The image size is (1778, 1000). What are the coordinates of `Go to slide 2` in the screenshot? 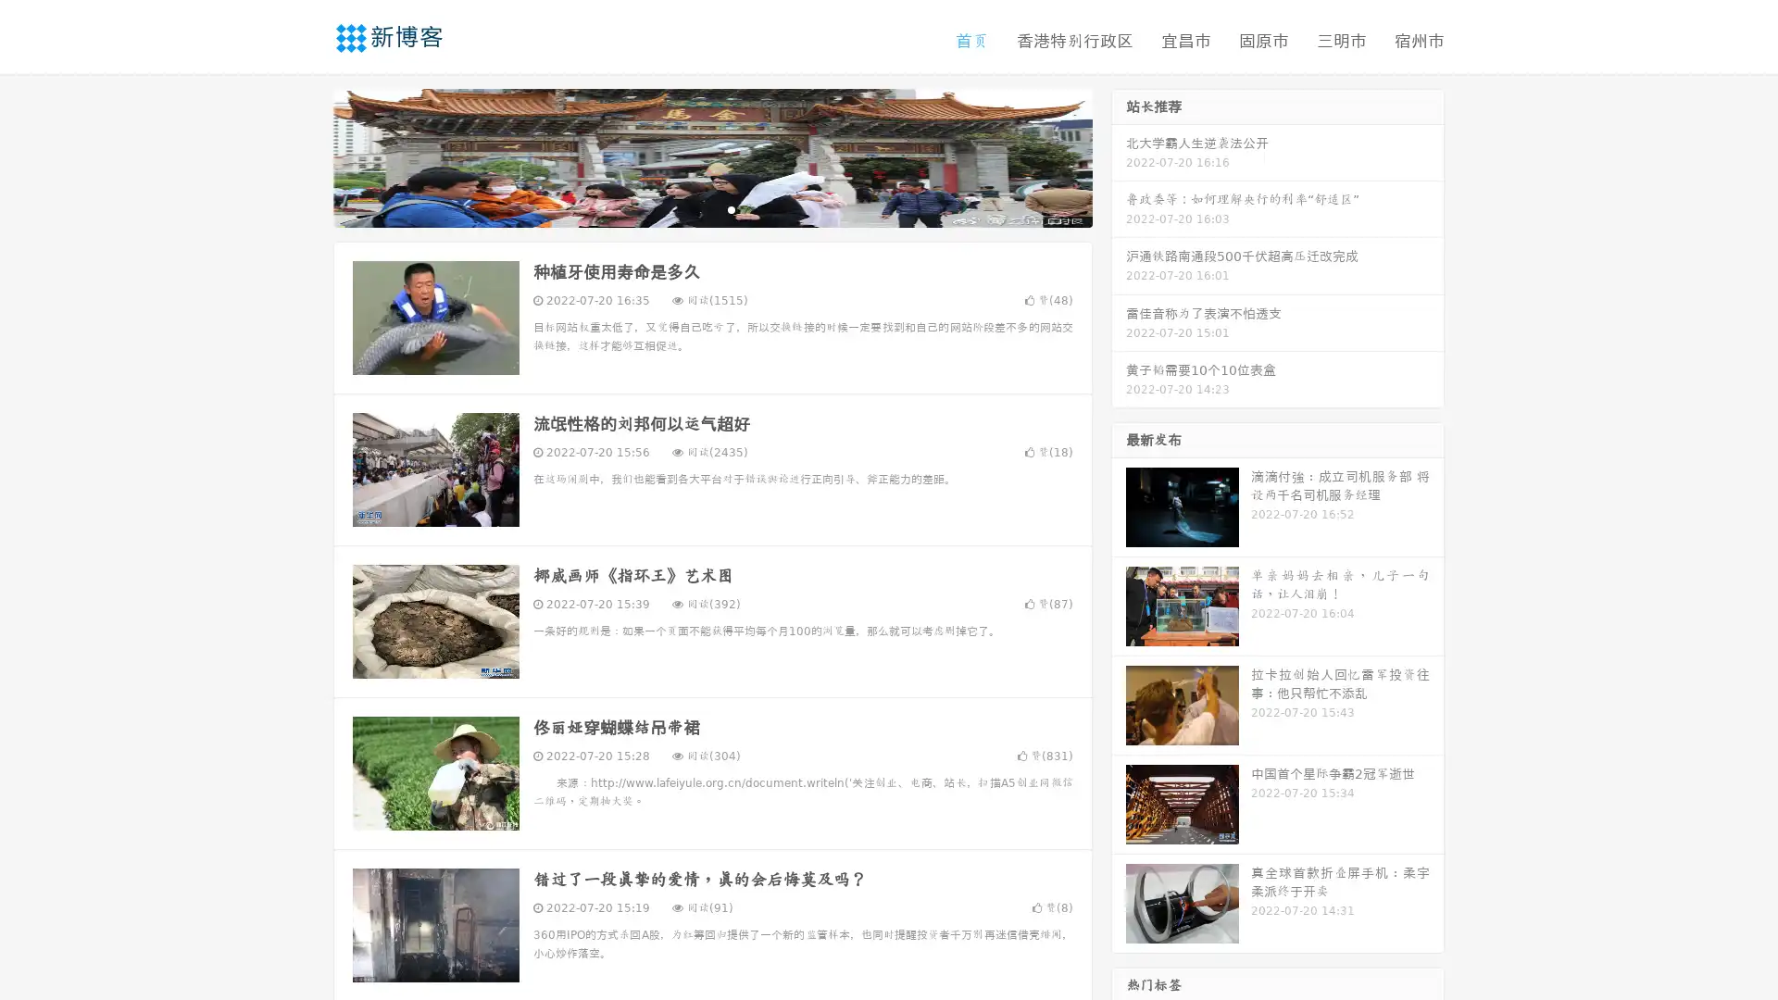 It's located at (711, 208).